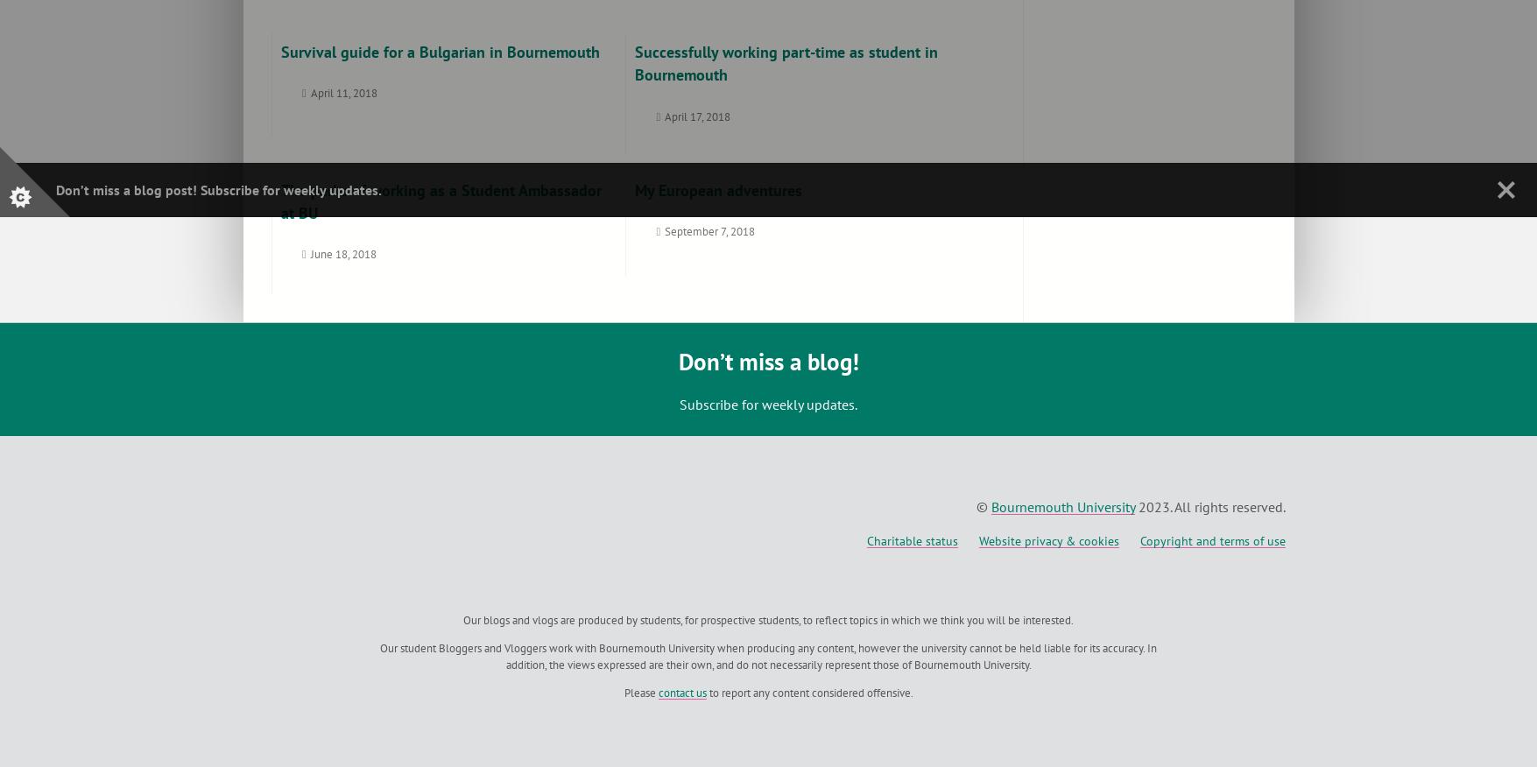  Describe the element at coordinates (127, 189) in the screenshot. I see `'Don’t miss a blog post!'` at that location.